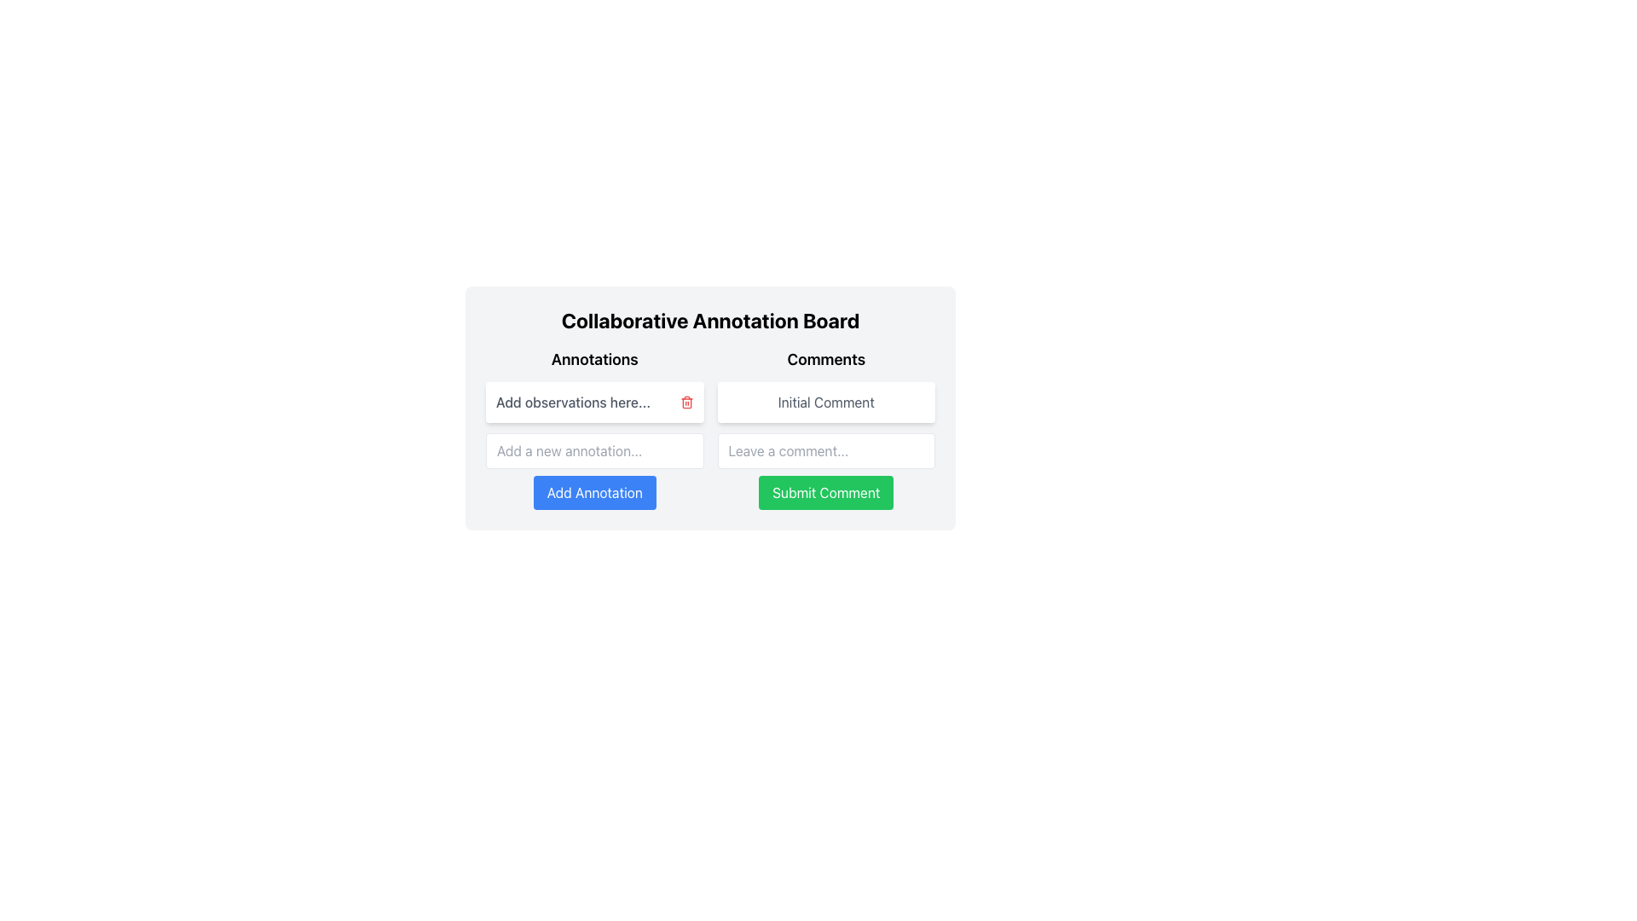  I want to click on the text input field located on the right side of the interface under the 'Comments' section, which allows users to type comments, so click(826, 449).